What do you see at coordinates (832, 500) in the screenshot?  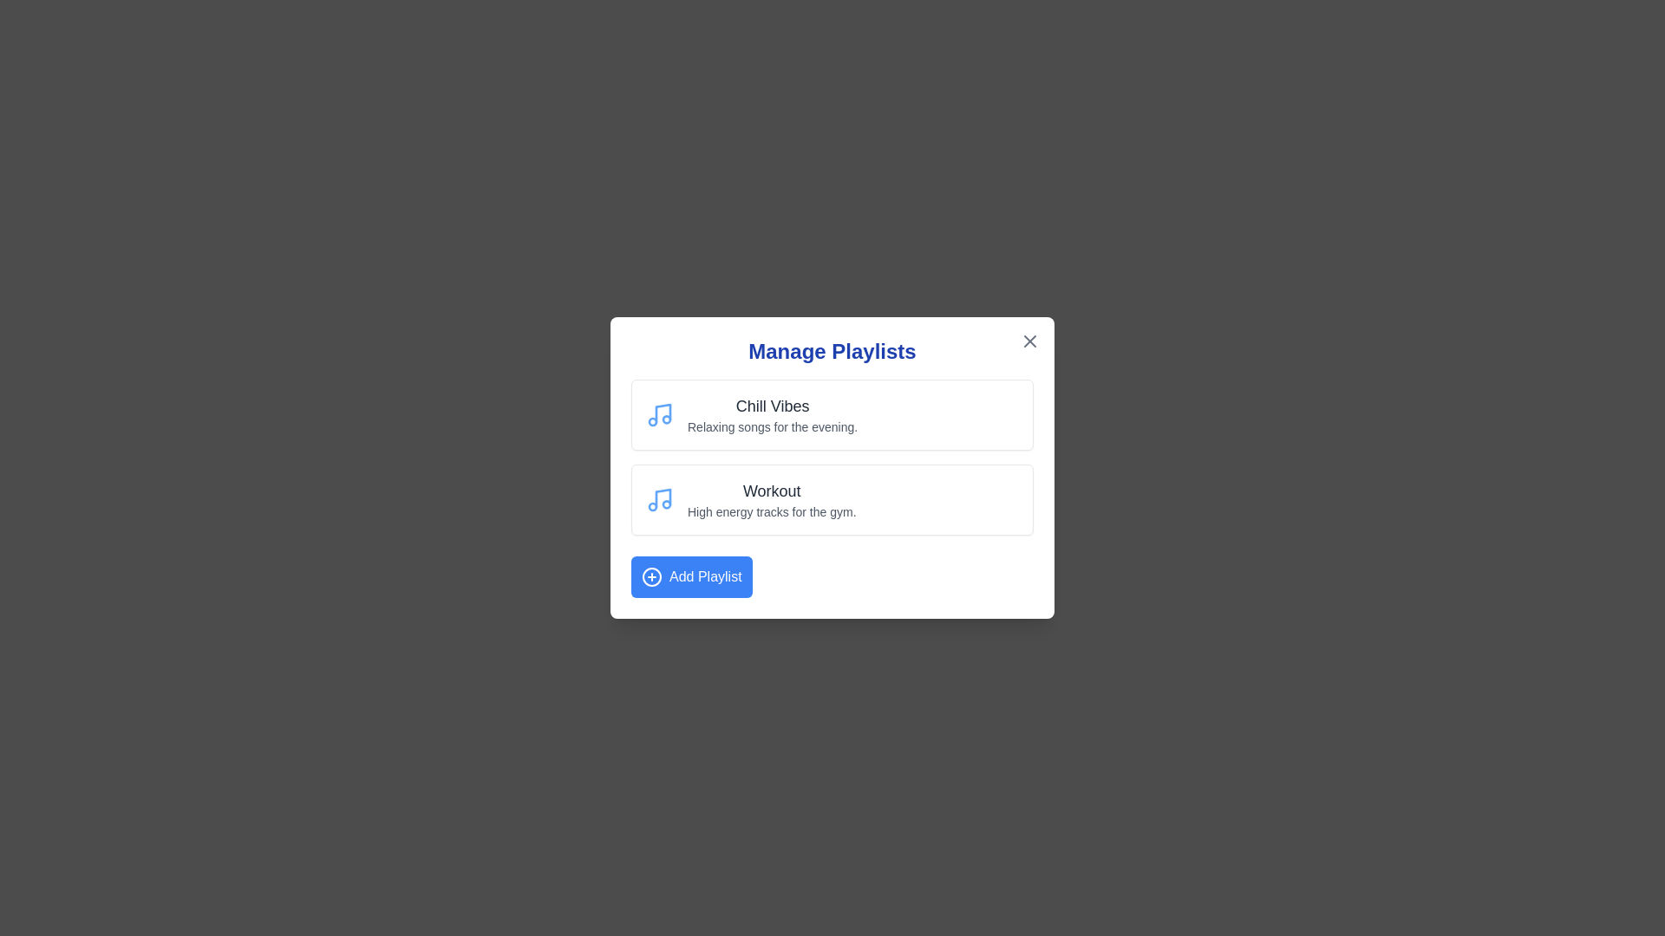 I see `the 'Workout' playlist card located directly beneath the 'Chill Vibes' card in the centered modal under the header 'Manage Playlists'` at bounding box center [832, 500].